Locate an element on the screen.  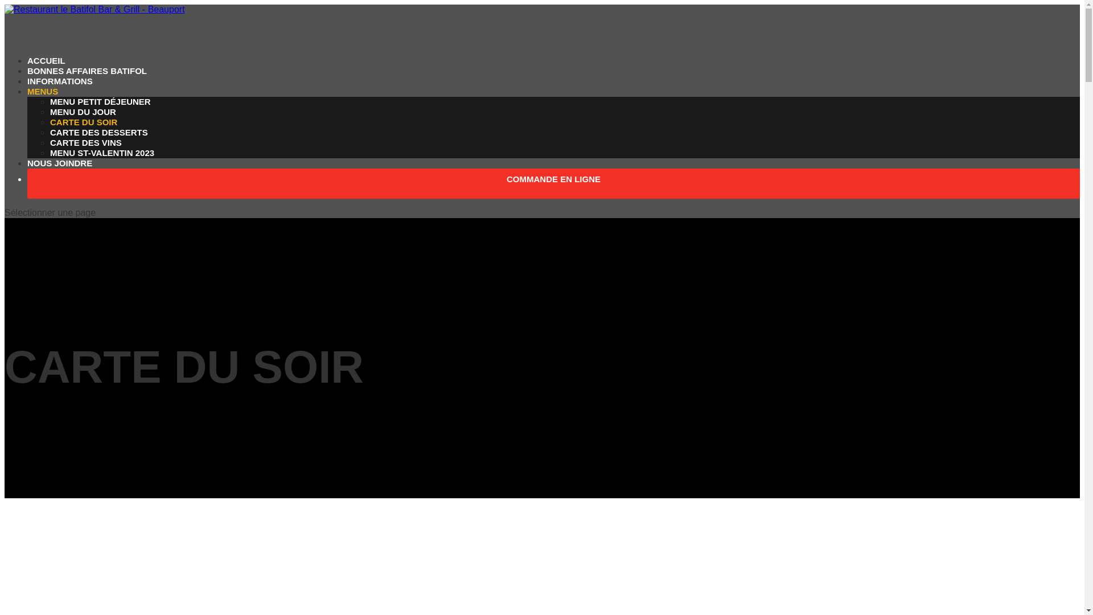
'NOUS JOINDRE' is located at coordinates (59, 179).